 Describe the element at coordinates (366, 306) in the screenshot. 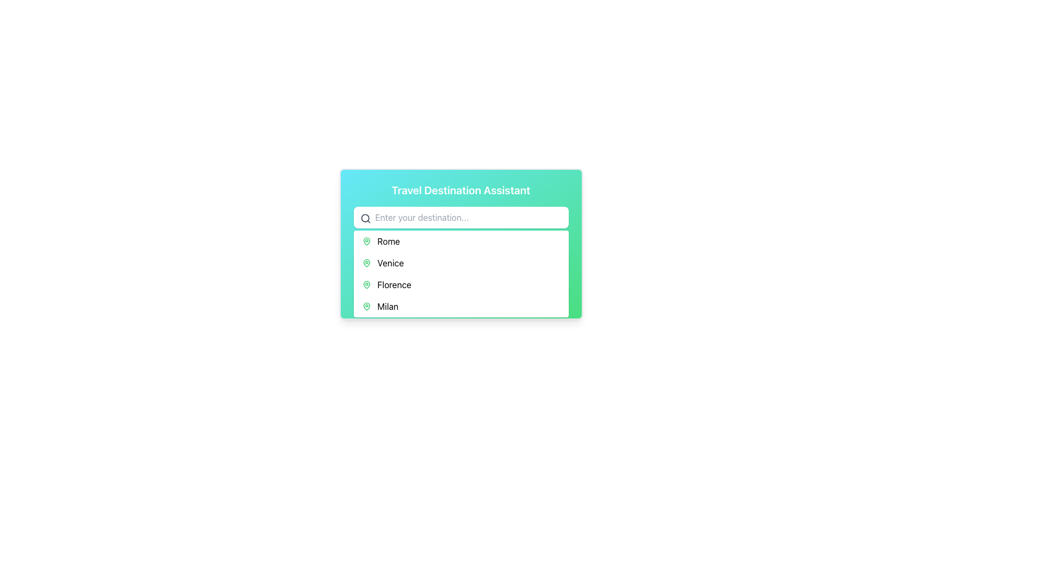

I see `the location icon associated with the 'Milan' entry in the fourth position of the drop-down list to interact with it` at that location.